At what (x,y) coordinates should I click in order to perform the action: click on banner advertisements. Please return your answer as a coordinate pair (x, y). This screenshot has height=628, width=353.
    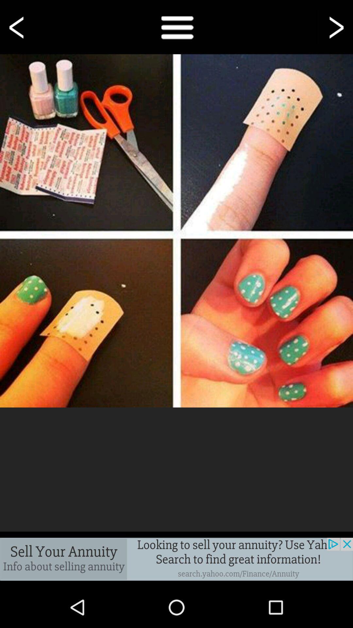
    Looking at the image, I should click on (176, 559).